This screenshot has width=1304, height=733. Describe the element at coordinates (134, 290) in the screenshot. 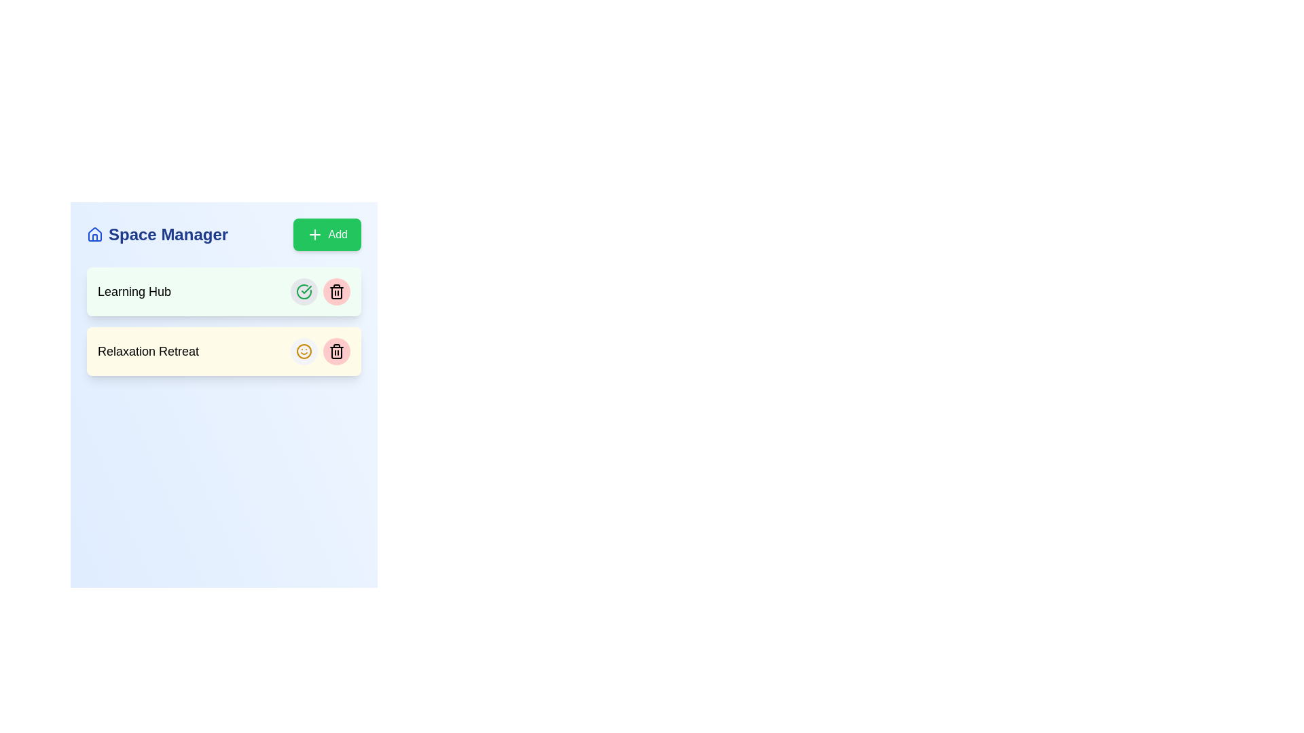

I see `text content of the label 'Learning Hub' located in the left portion of the card section under 'Space Manager'` at that location.